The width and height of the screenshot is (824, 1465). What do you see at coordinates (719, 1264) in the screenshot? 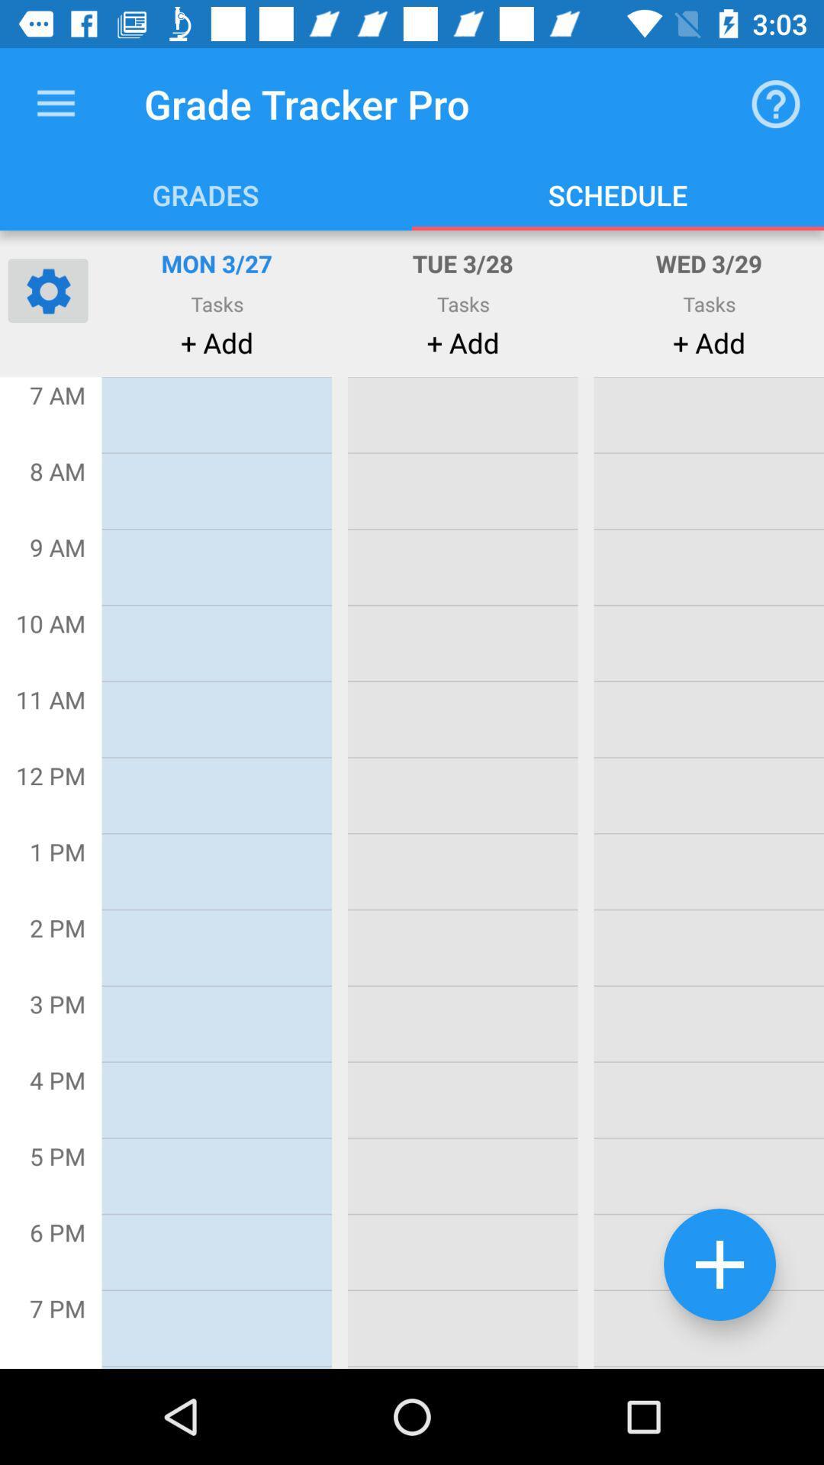
I see `event` at bounding box center [719, 1264].